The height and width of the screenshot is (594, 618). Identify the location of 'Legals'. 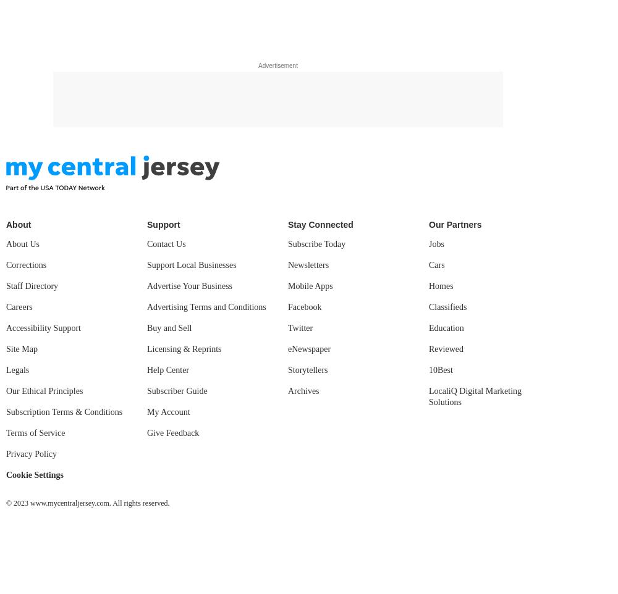
(17, 369).